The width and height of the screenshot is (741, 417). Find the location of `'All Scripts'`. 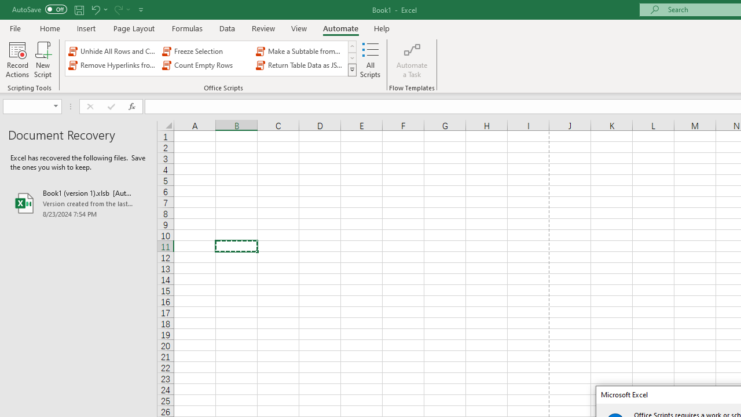

'All Scripts' is located at coordinates (370, 60).